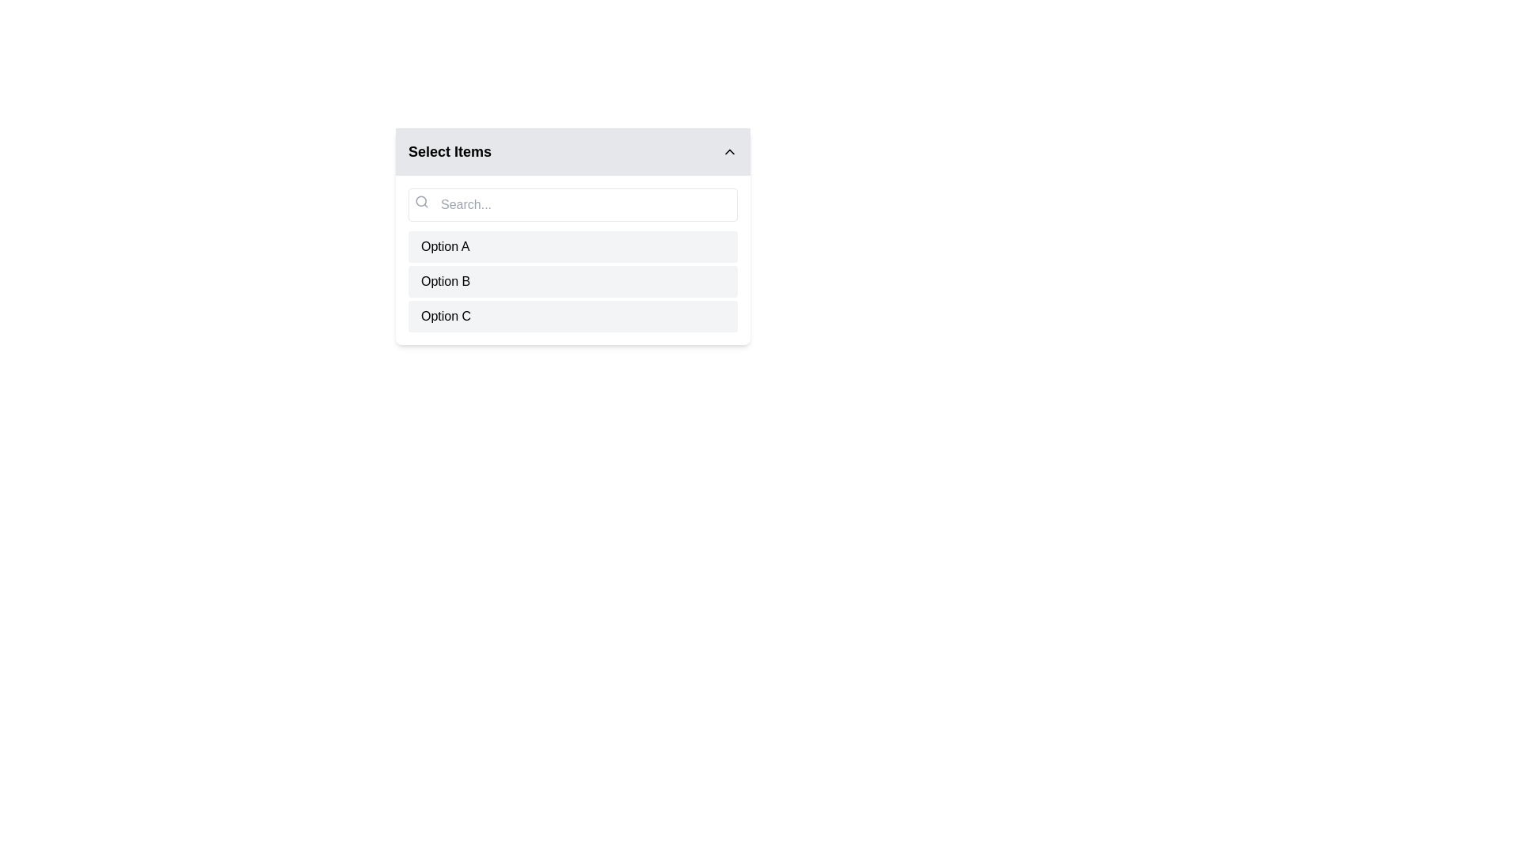 The image size is (1520, 855). What do you see at coordinates (445, 280) in the screenshot?
I see `the 'Option B' text label, which is styled with black text on a light background and is the second item in a vertical list of options` at bounding box center [445, 280].